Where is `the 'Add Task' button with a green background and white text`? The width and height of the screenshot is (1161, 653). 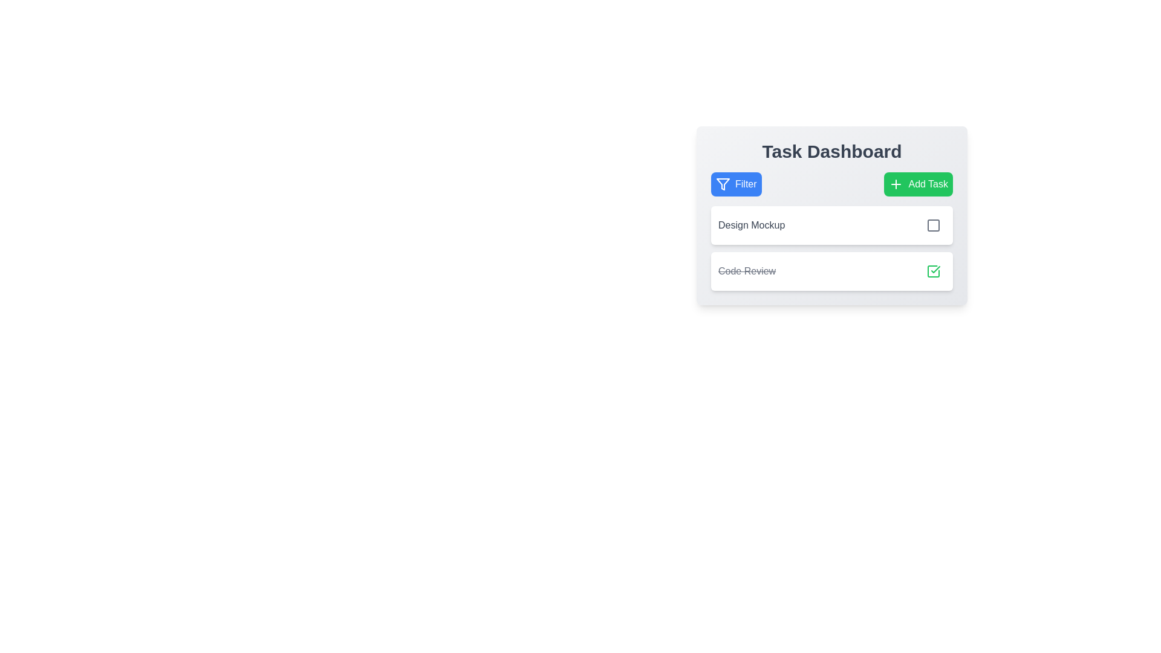 the 'Add Task' button with a green background and white text is located at coordinates (919, 184).